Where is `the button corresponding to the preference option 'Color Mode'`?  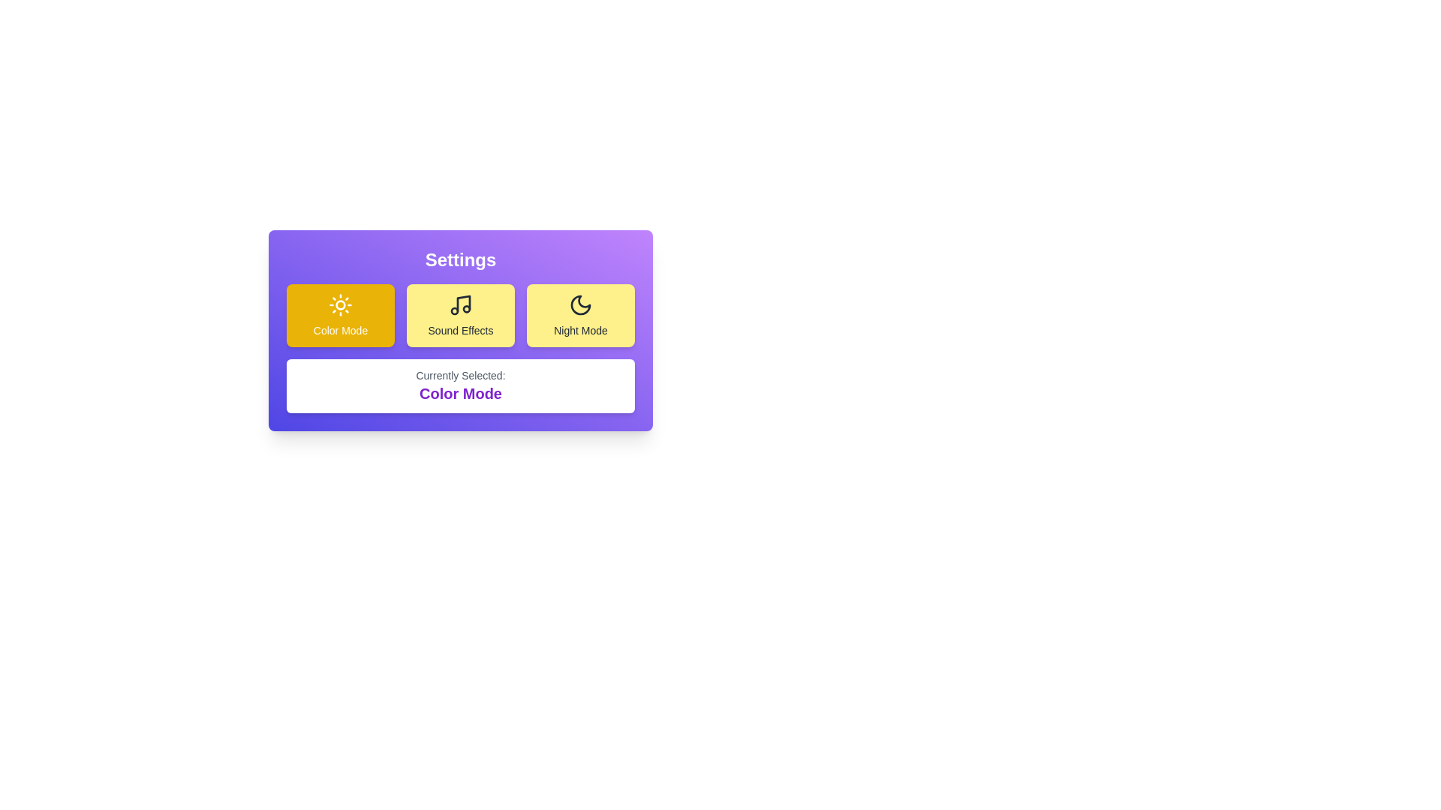 the button corresponding to the preference option 'Color Mode' is located at coordinates (340, 314).